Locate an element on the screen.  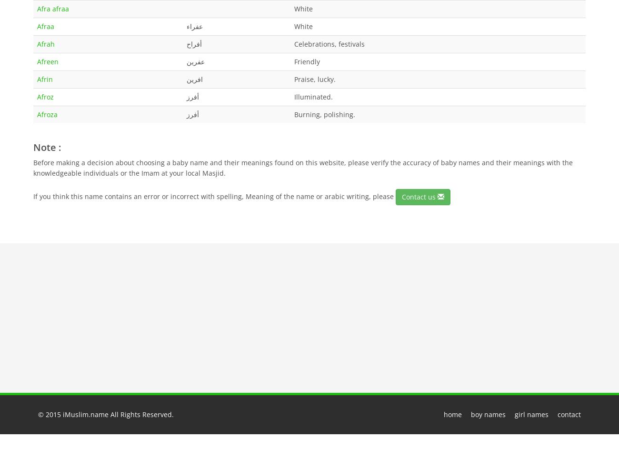
'Namirah ( نمره )' is located at coordinates (294, 309).